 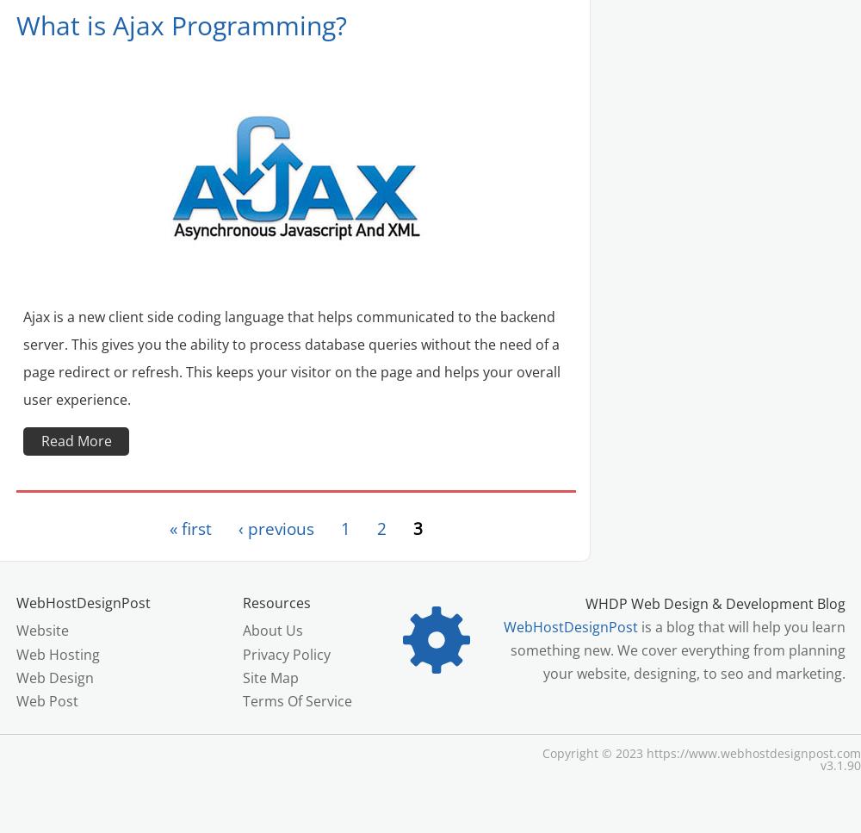 I want to click on '3', so click(x=416, y=528).